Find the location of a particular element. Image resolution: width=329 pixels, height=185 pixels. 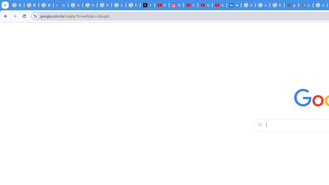

'Google Cloud Privacy Notice' is located at coordinates (61, 5).